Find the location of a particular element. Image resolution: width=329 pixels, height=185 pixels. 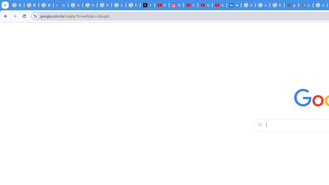

'Google Cloud Privacy Notice' is located at coordinates (61, 5).